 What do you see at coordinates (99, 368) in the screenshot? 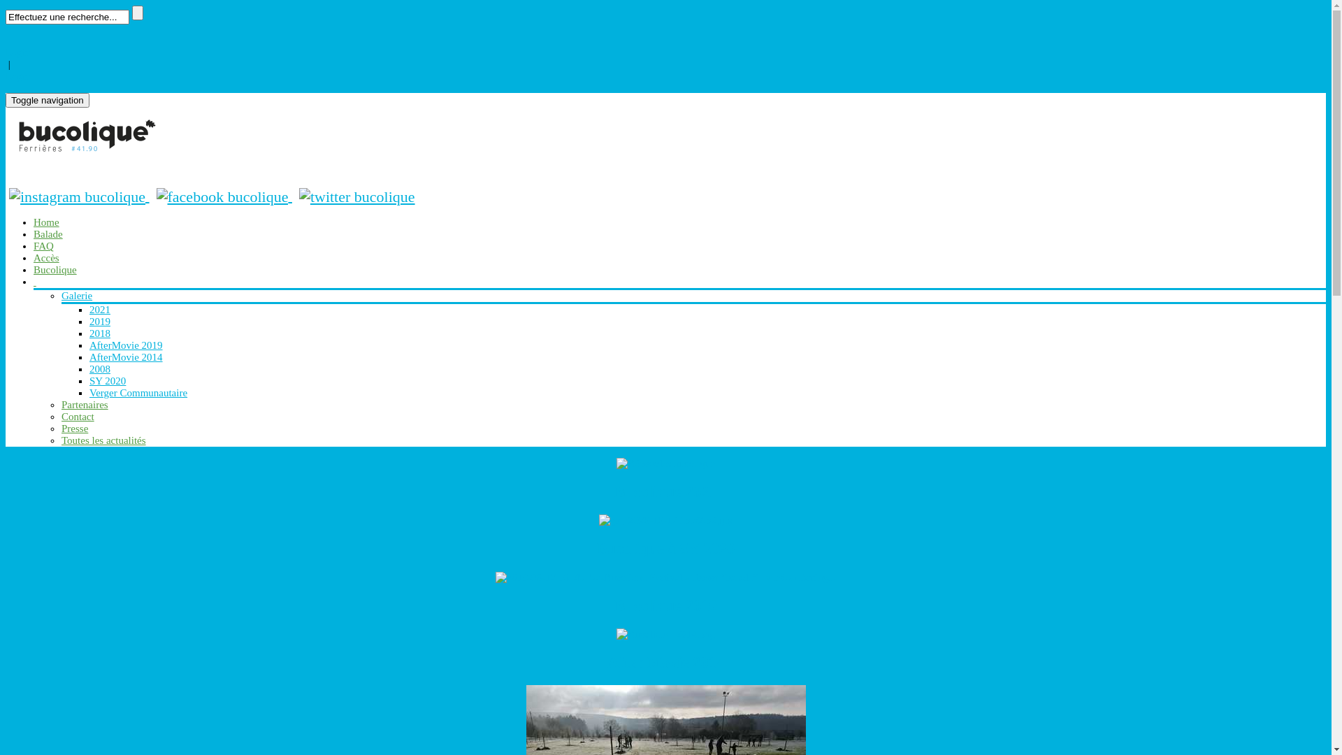
I see `'2008'` at bounding box center [99, 368].